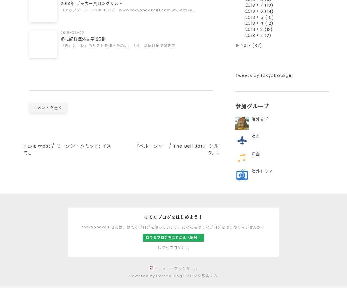  Describe the element at coordinates (255, 37) in the screenshot. I see `'2018 / 2'` at that location.